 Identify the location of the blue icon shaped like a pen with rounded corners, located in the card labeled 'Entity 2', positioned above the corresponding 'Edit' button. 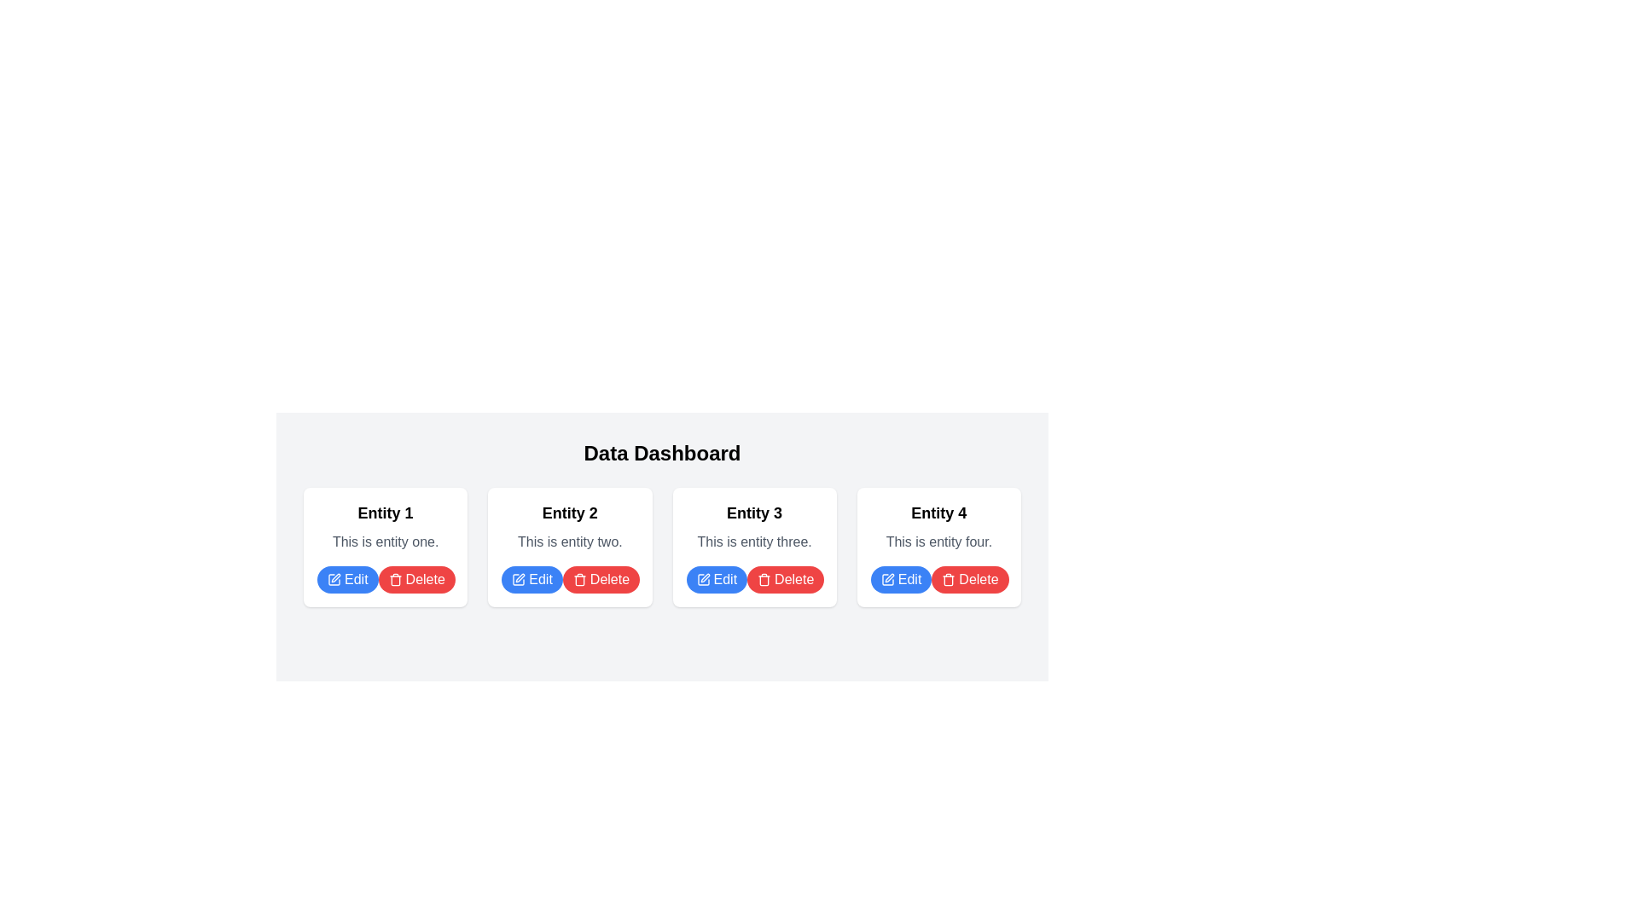
(518, 578).